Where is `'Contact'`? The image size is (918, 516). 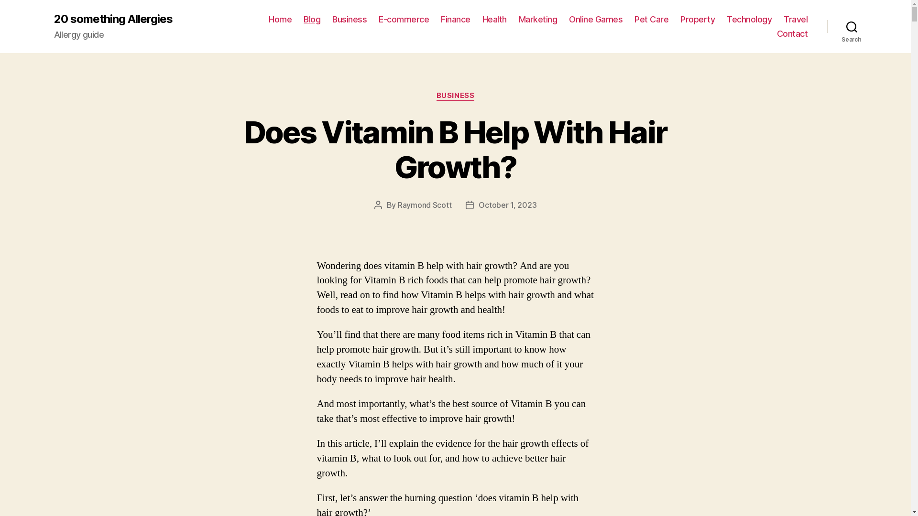 'Contact' is located at coordinates (792, 33).